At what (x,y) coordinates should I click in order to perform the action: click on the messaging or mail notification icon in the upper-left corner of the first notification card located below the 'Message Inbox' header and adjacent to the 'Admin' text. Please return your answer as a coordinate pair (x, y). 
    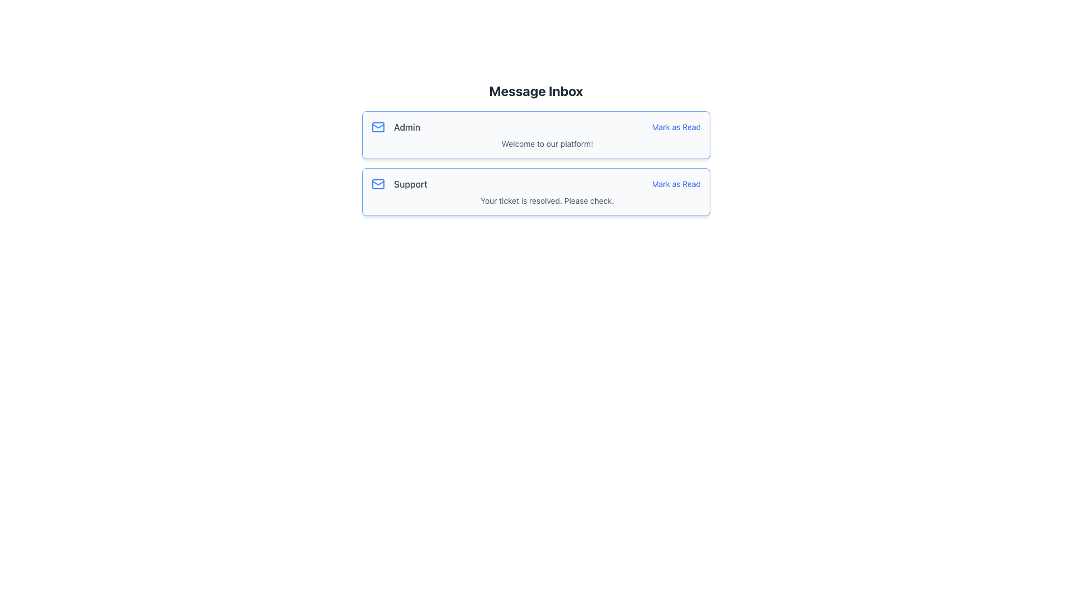
    Looking at the image, I should click on (378, 126).